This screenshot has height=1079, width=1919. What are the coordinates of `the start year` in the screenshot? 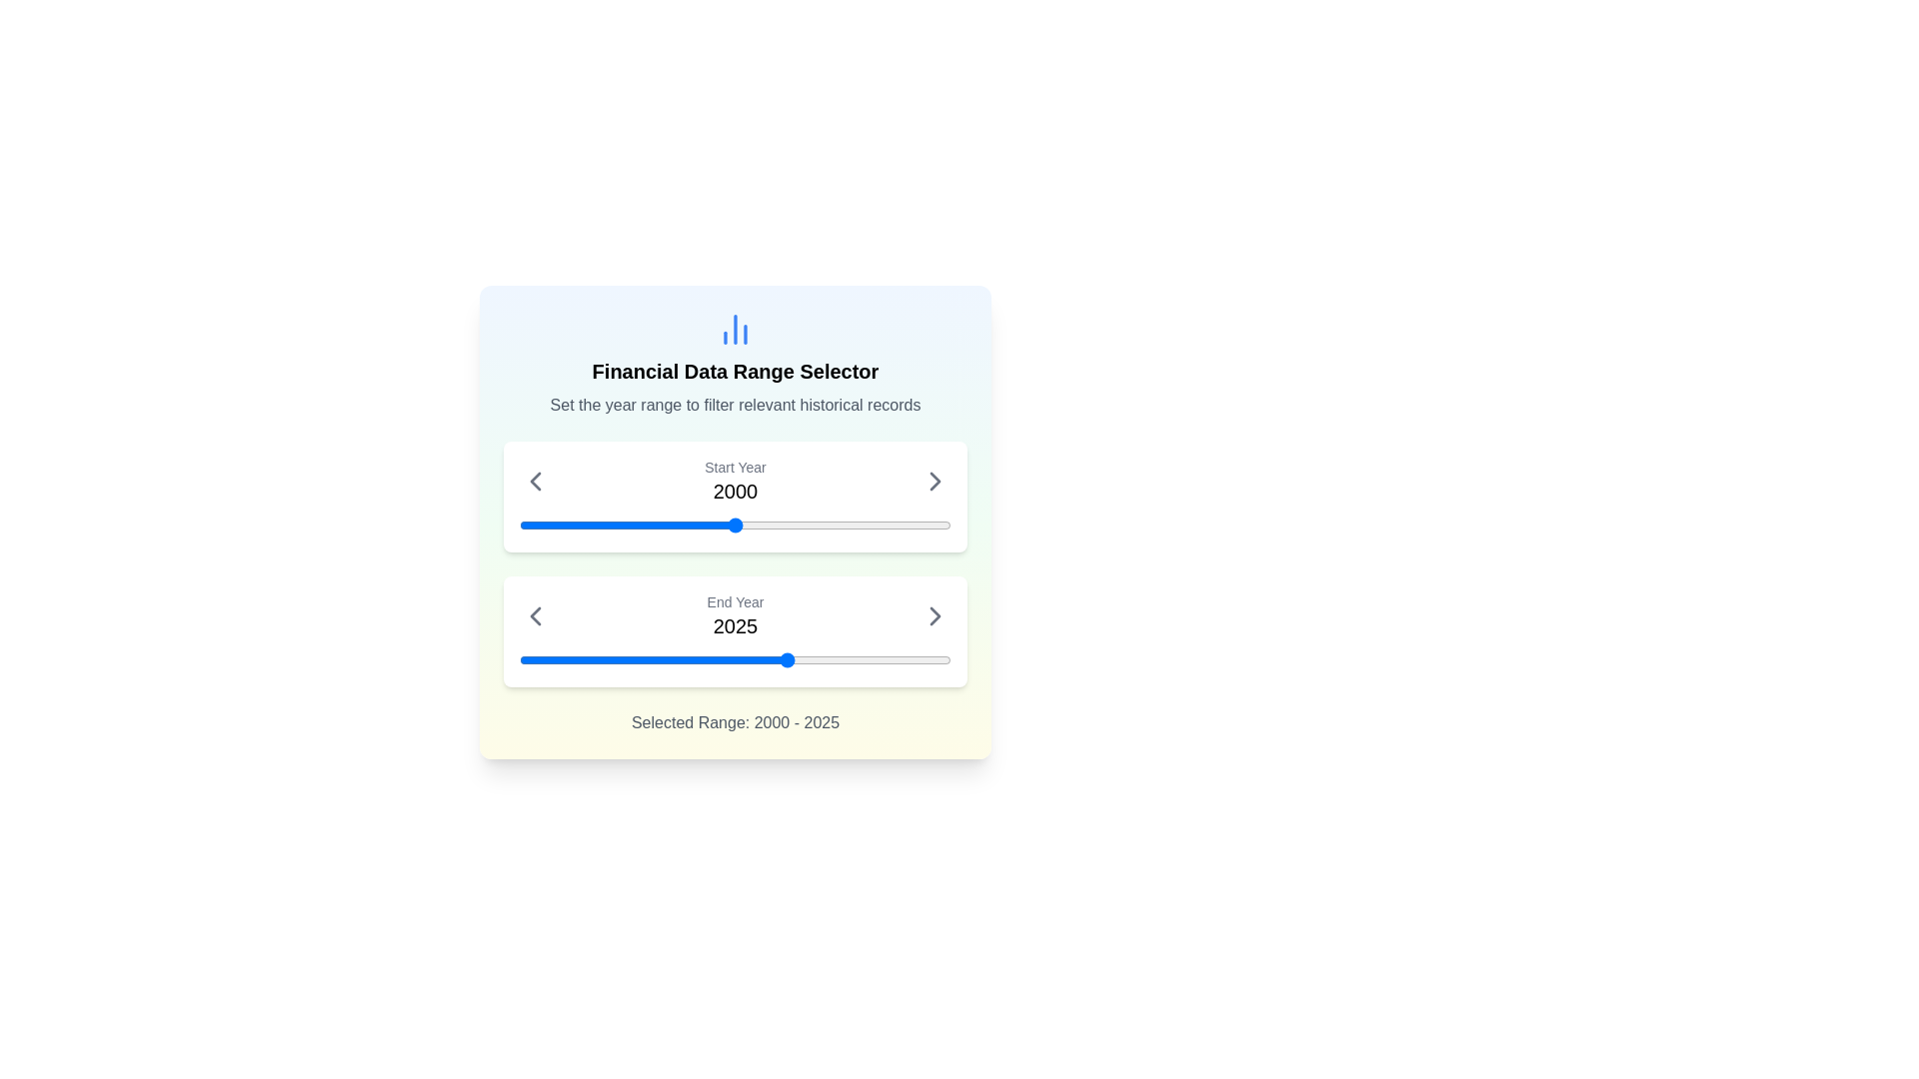 It's located at (705, 524).